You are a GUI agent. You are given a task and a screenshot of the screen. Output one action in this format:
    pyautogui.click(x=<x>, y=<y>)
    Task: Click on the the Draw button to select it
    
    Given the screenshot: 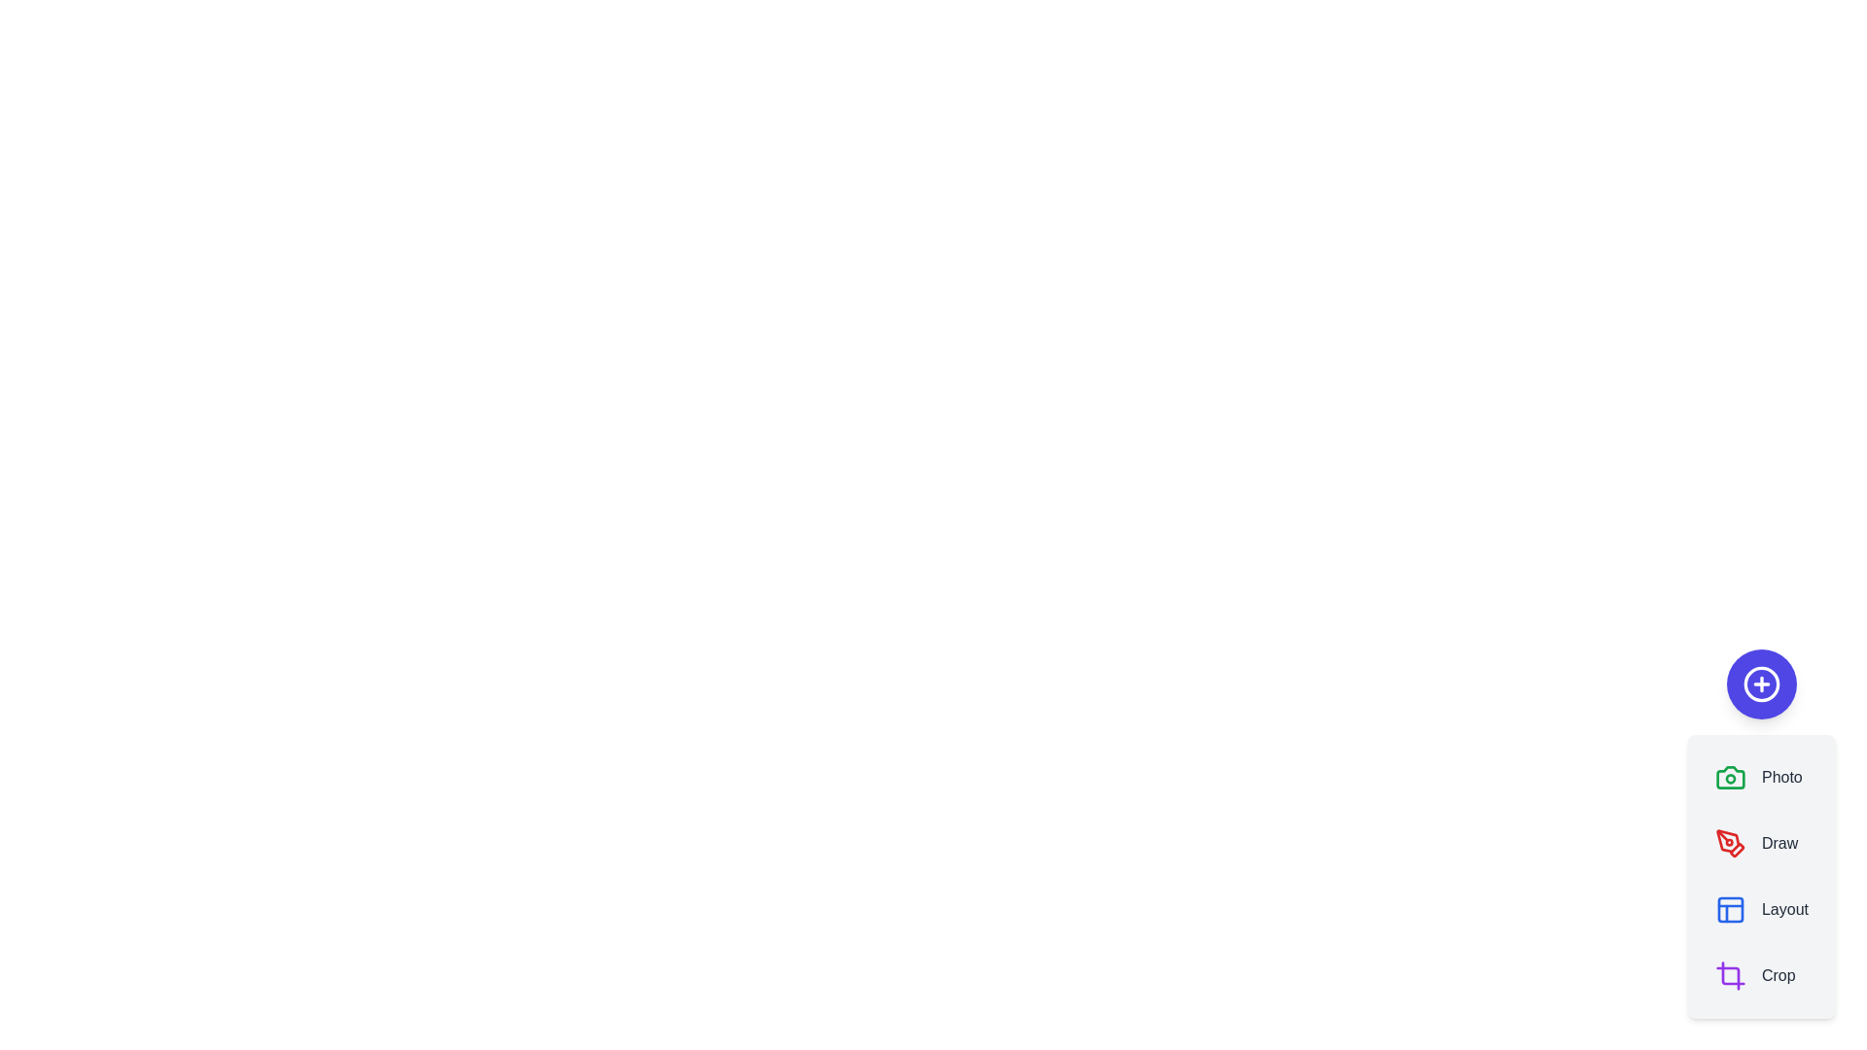 What is the action you would take?
    pyautogui.click(x=1756, y=842)
    